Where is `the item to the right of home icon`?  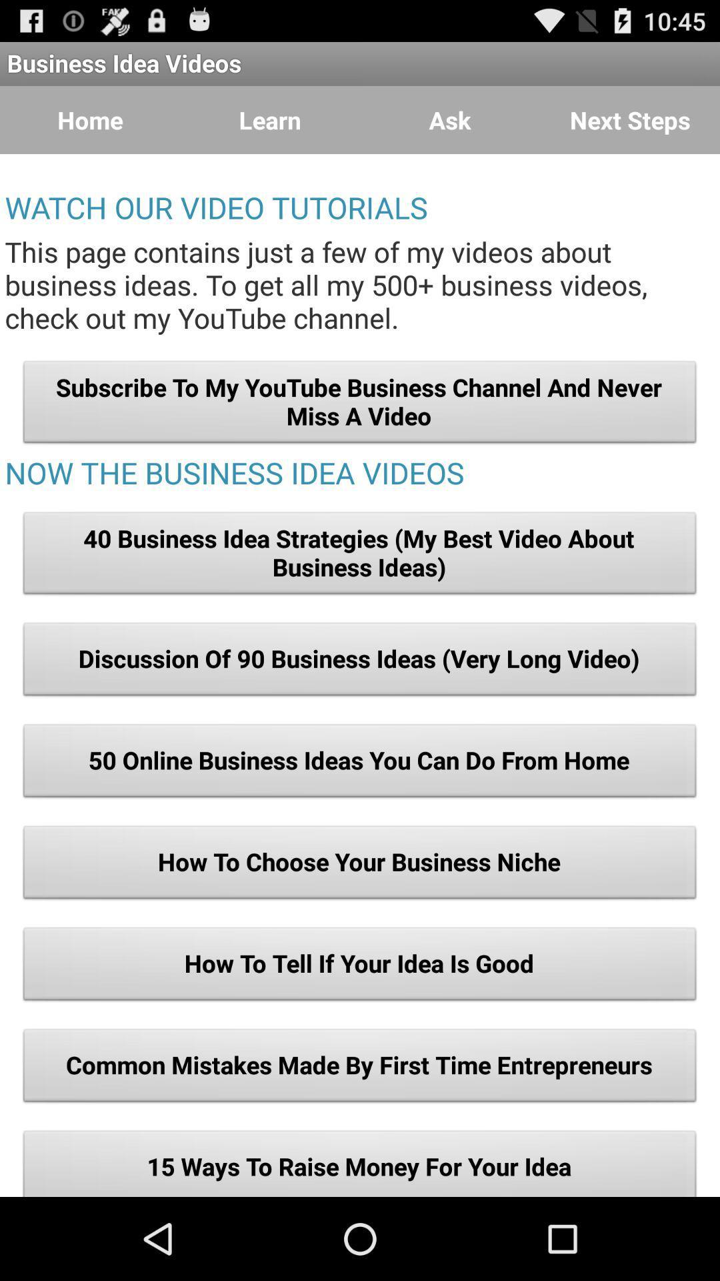 the item to the right of home icon is located at coordinates (270, 120).